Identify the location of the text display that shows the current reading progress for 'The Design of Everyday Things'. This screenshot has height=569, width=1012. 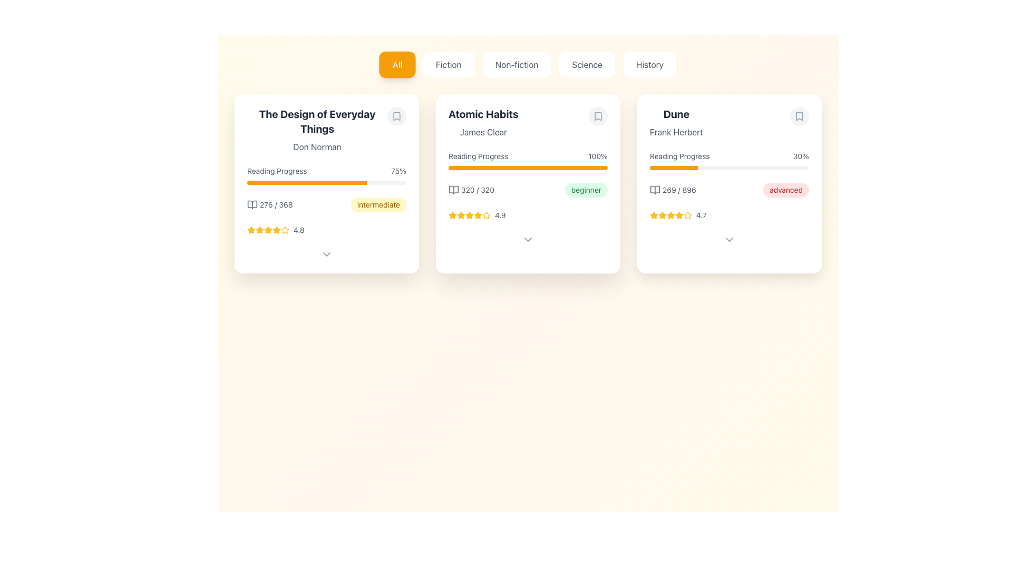
(276, 205).